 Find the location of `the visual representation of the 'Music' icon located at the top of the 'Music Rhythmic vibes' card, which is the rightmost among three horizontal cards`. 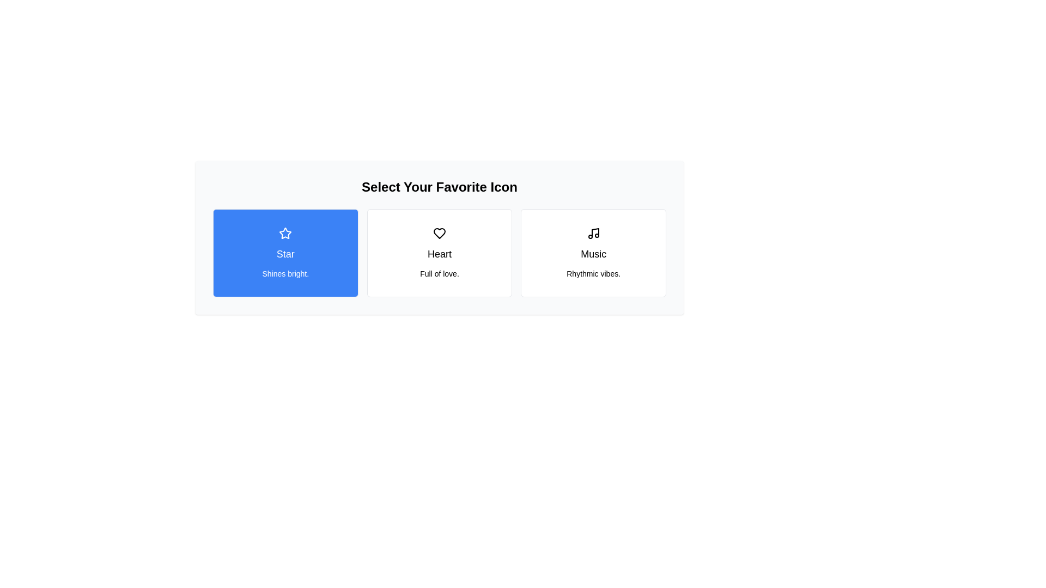

the visual representation of the 'Music' icon located at the top of the 'Music Rhythmic vibes' card, which is the rightmost among three horizontal cards is located at coordinates (593, 232).